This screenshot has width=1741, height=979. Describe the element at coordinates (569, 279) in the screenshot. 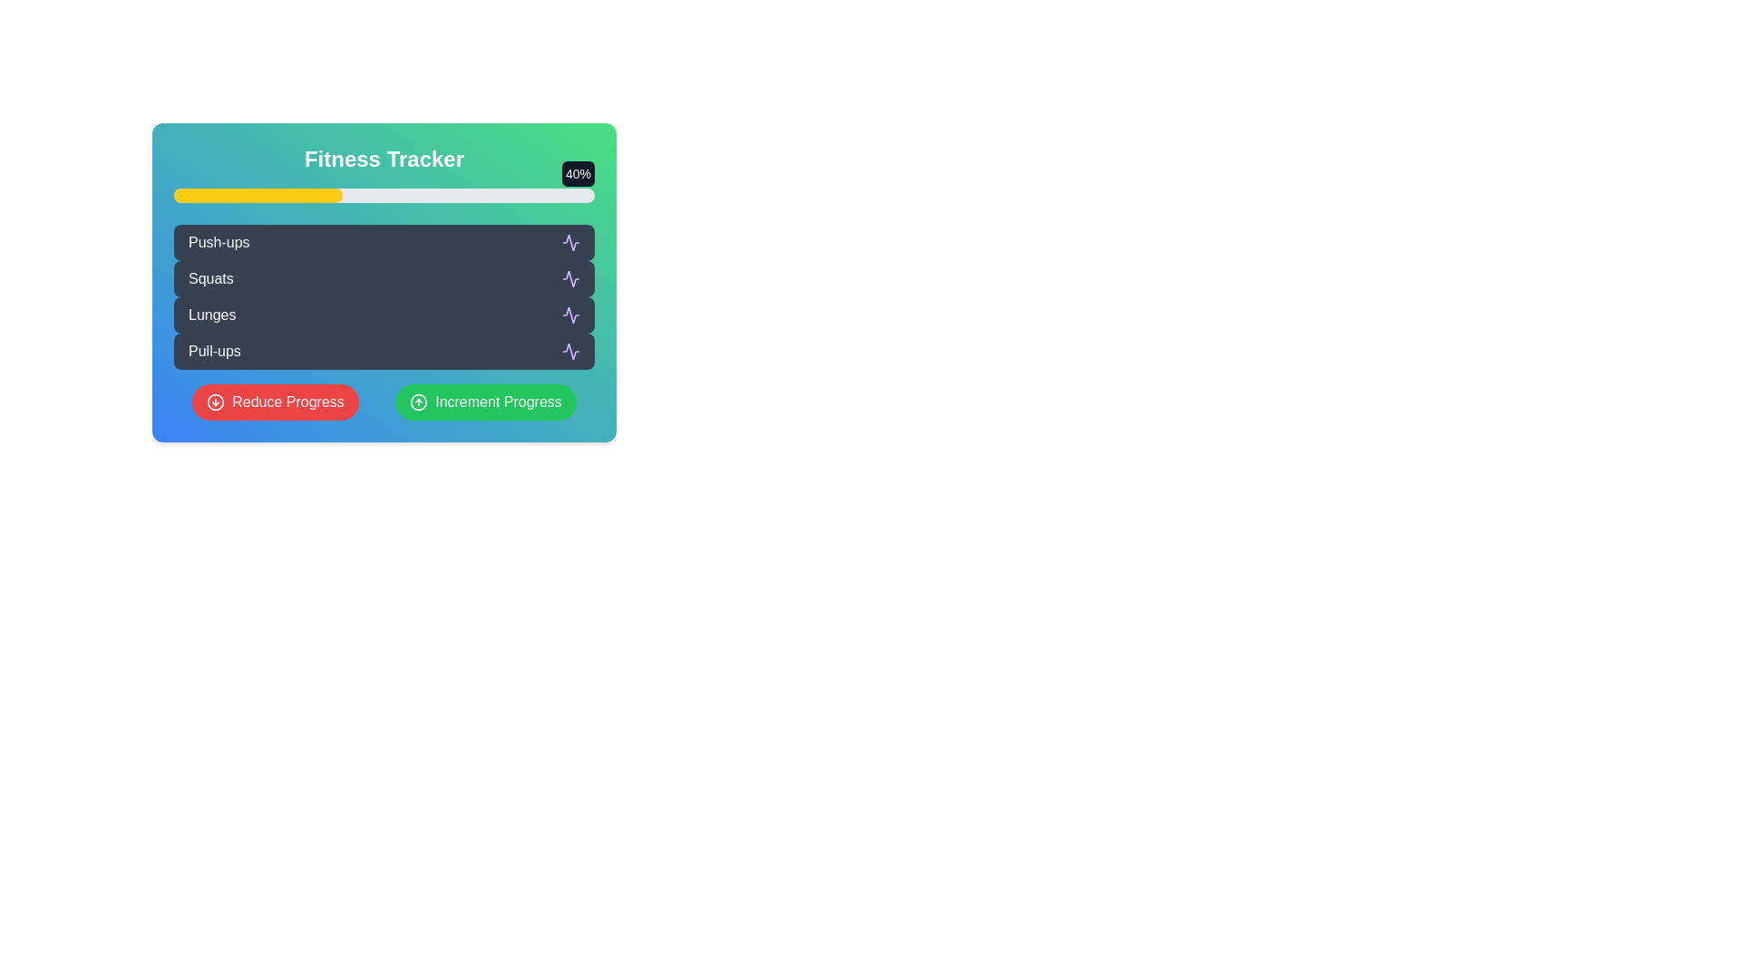

I see `the status indicator icon for the 'Squats' activity, located in the second row of the fitness tracker card, aligned to the far right` at that location.